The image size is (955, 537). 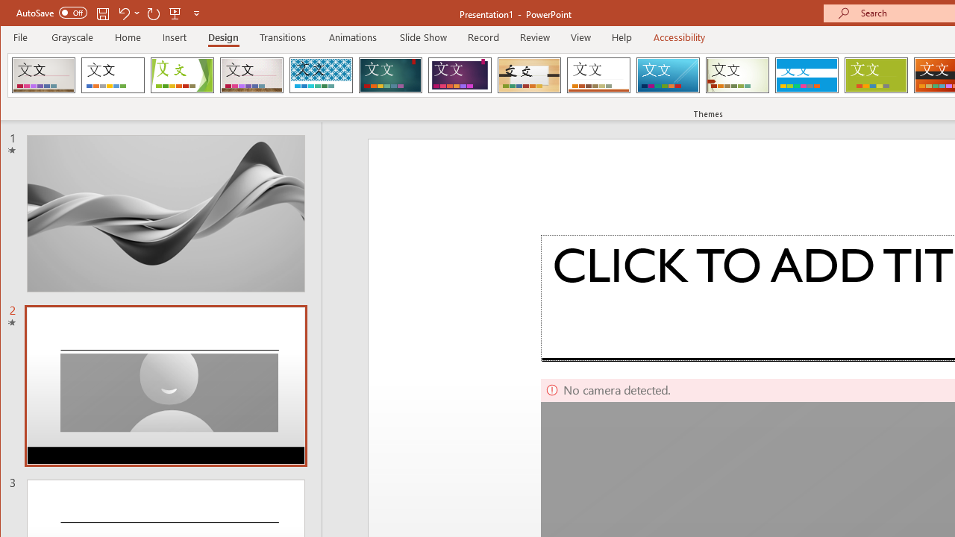 I want to click on 'Banded', so click(x=806, y=75).